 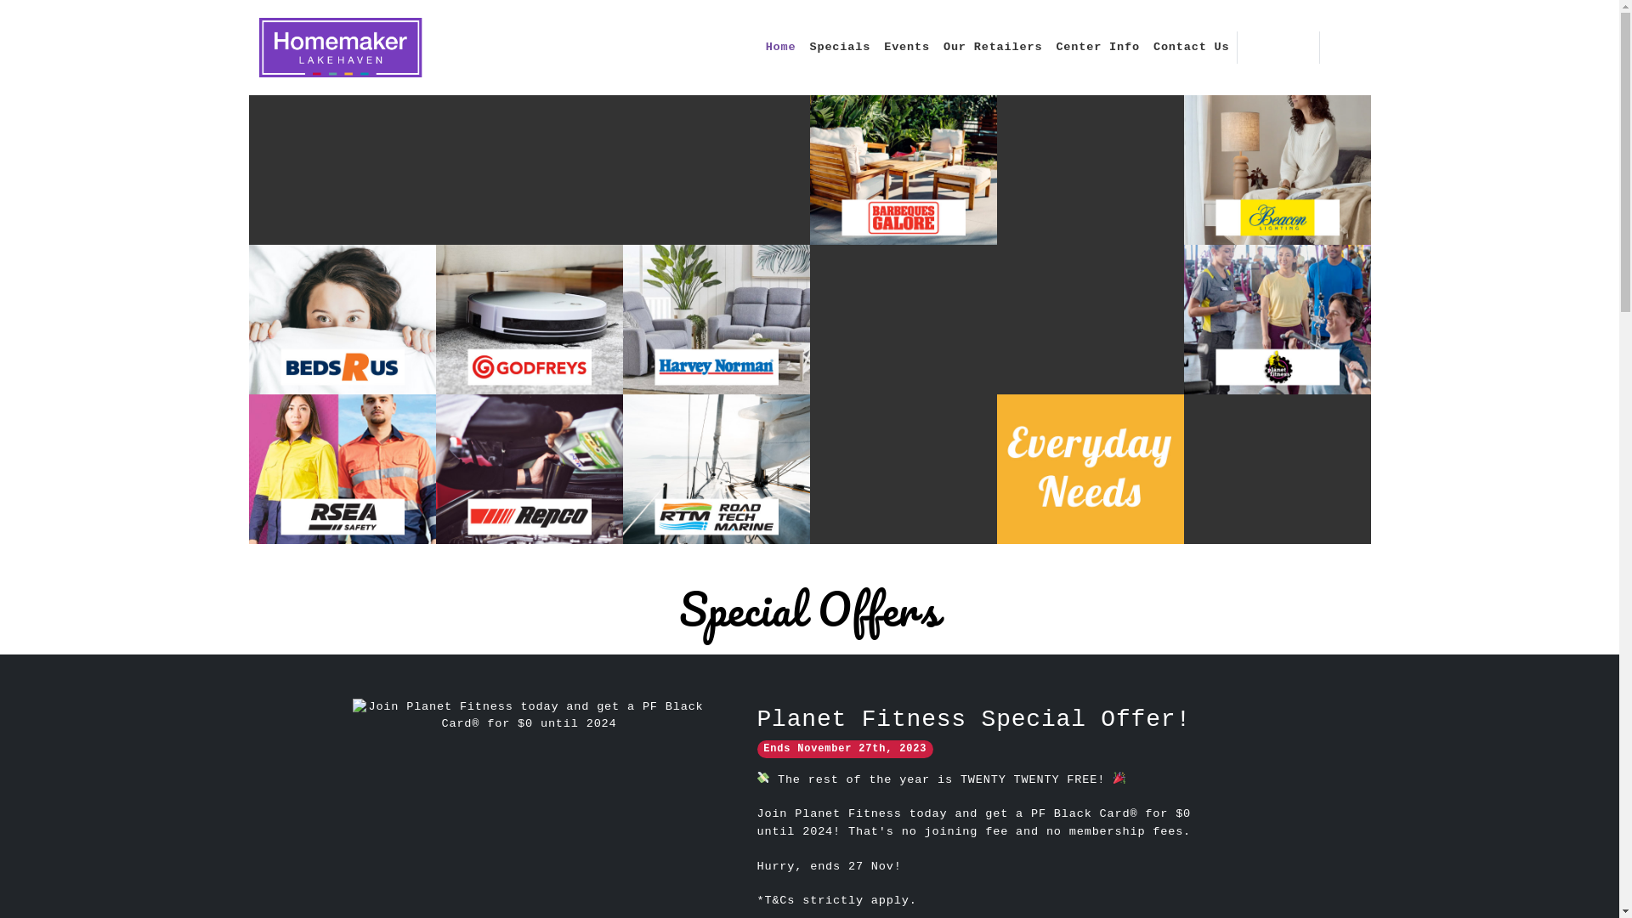 I want to click on 'Events', so click(x=905, y=47).